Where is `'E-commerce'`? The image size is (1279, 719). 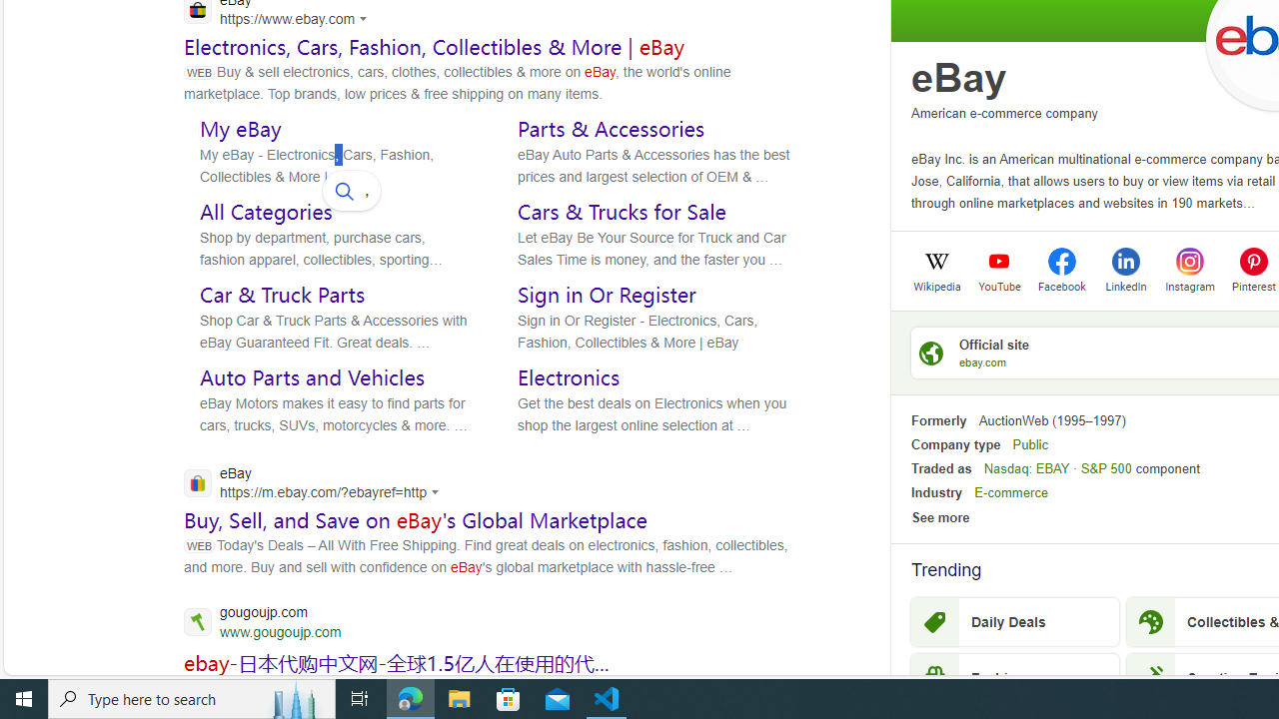
'E-commerce' is located at coordinates (1011, 492).